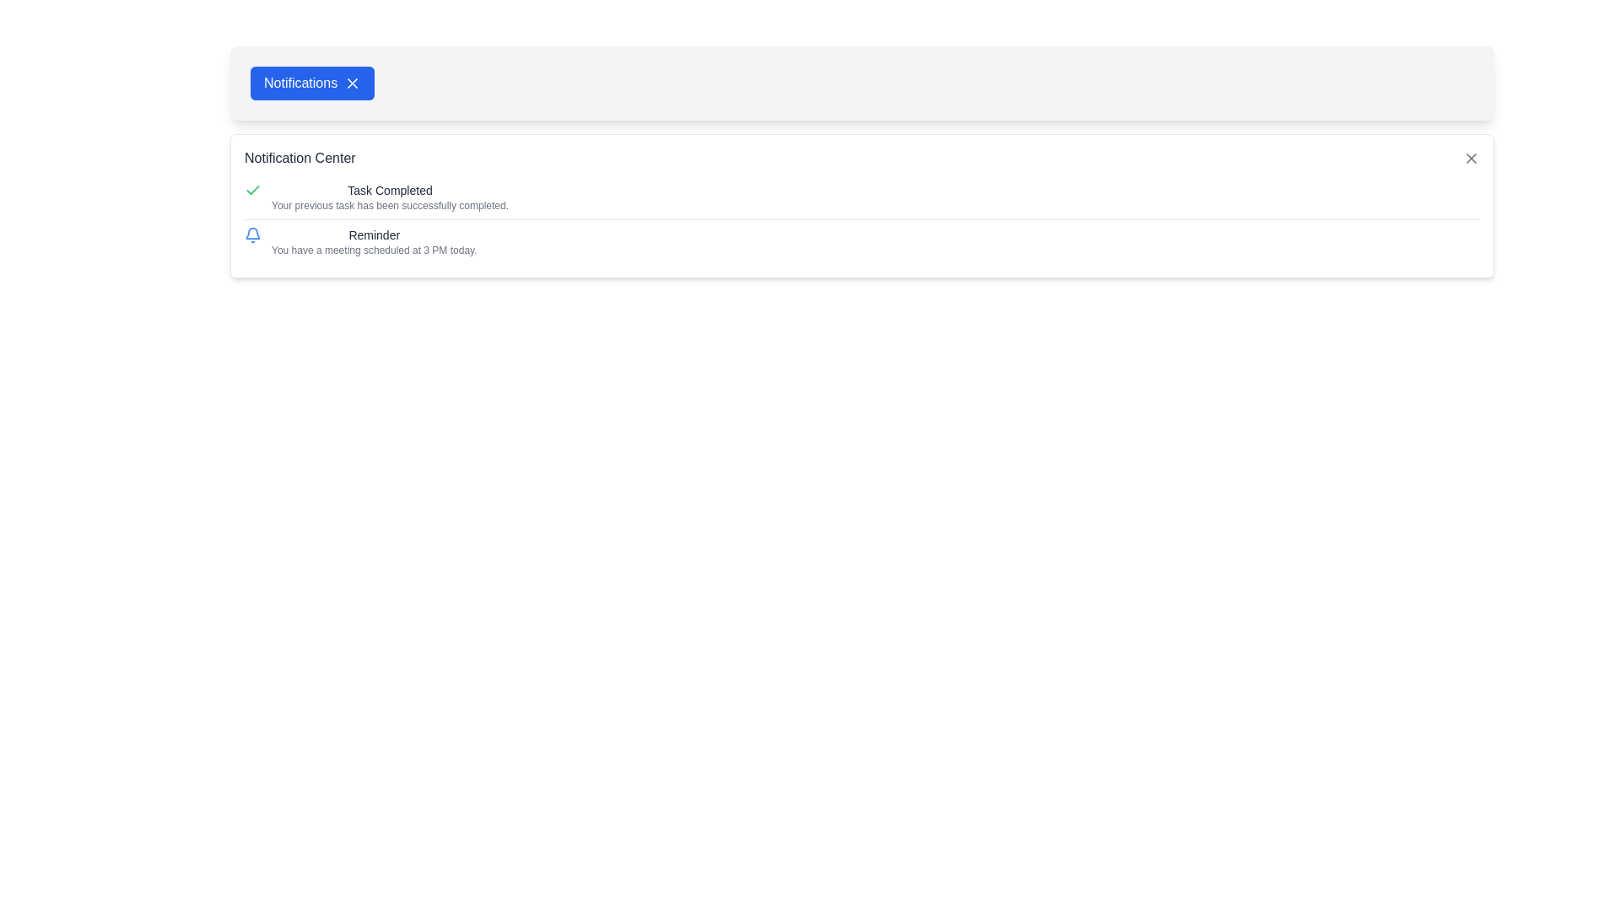 Image resolution: width=1620 pixels, height=911 pixels. I want to click on the text display notification titled 'Task Completed' which indicates that the previous task has been successfully completed, so click(389, 197).